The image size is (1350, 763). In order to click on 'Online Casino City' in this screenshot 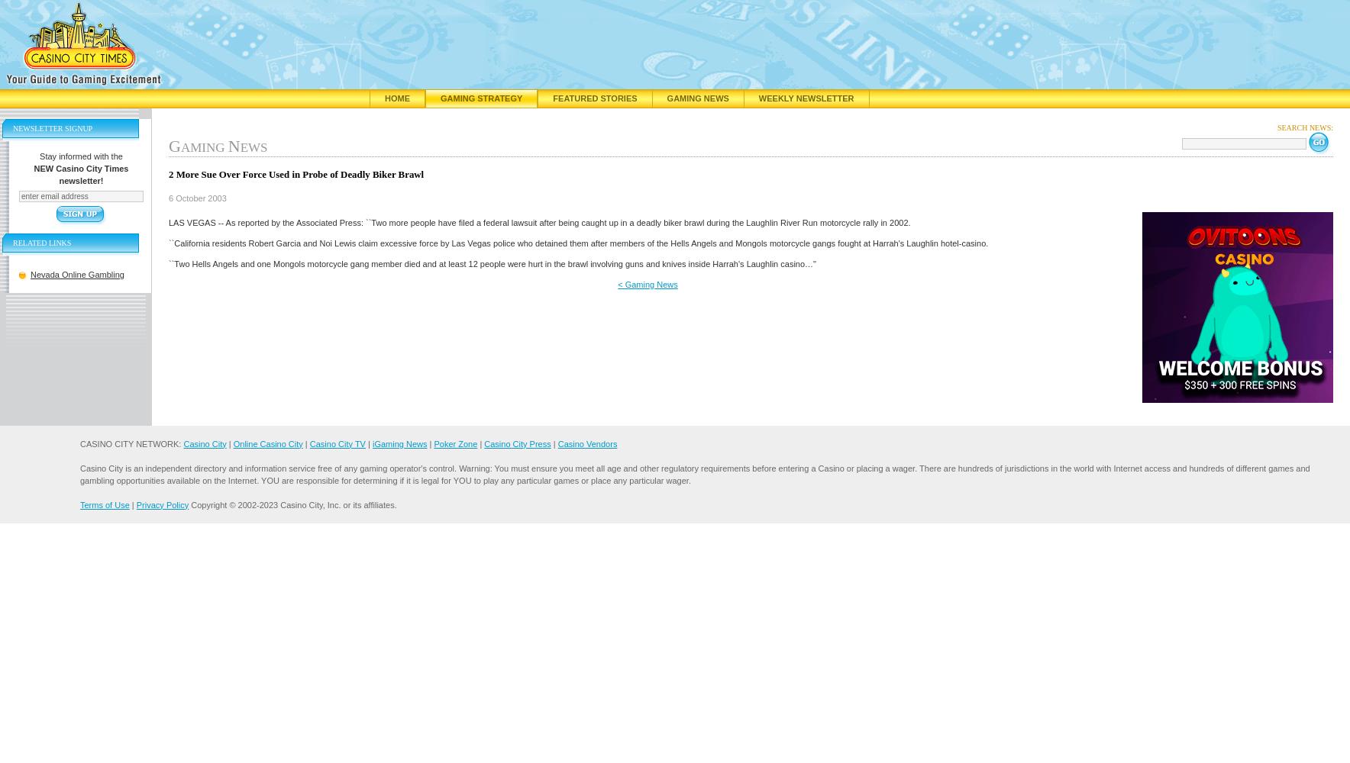, I will do `click(267, 443)`.